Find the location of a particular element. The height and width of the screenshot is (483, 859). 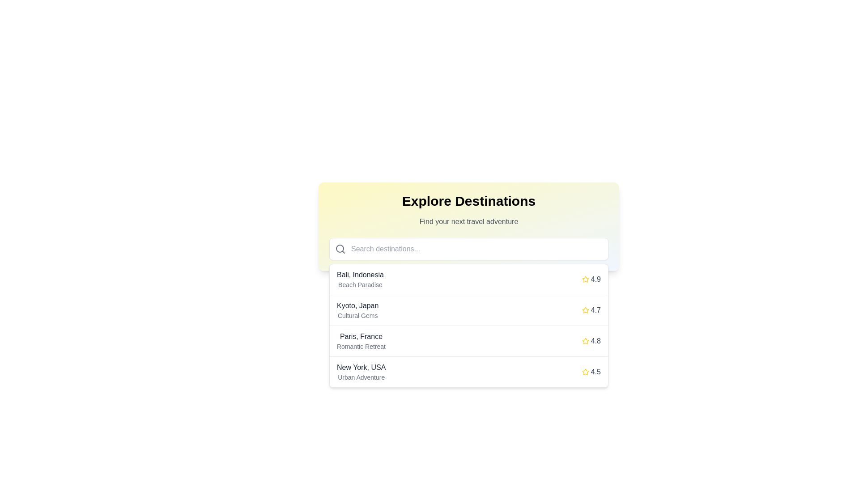

the dropdown menu containing a list of destinations is located at coordinates (468, 326).